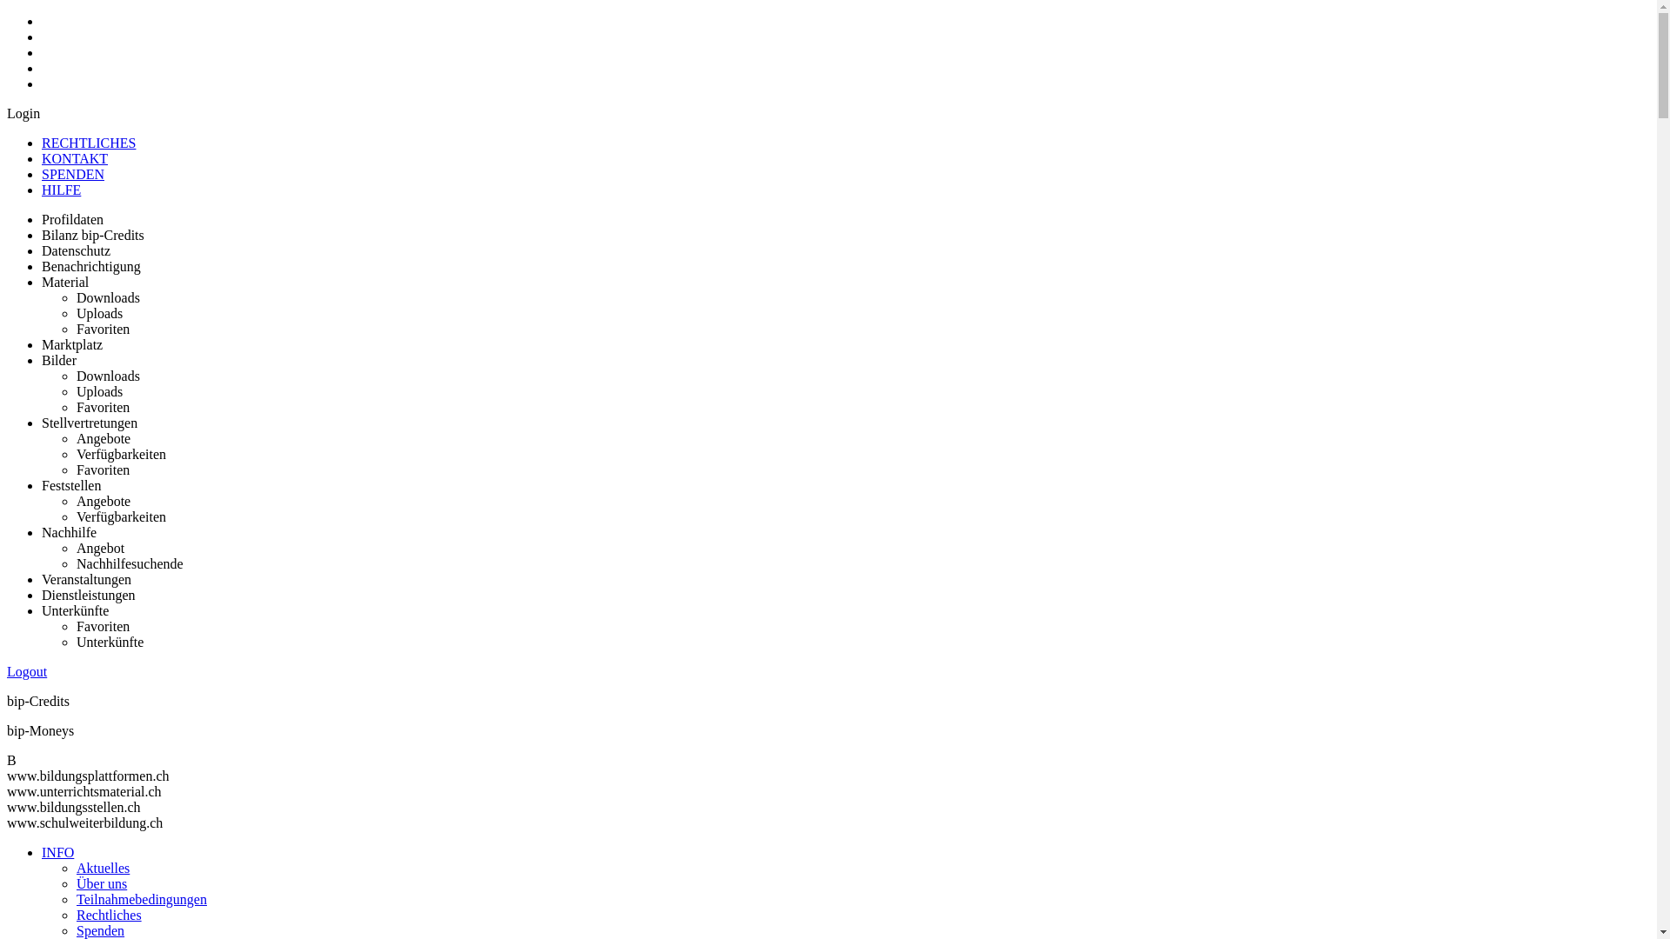 This screenshot has width=1670, height=939. What do you see at coordinates (87, 142) in the screenshot?
I see `'RECHTLICHES'` at bounding box center [87, 142].